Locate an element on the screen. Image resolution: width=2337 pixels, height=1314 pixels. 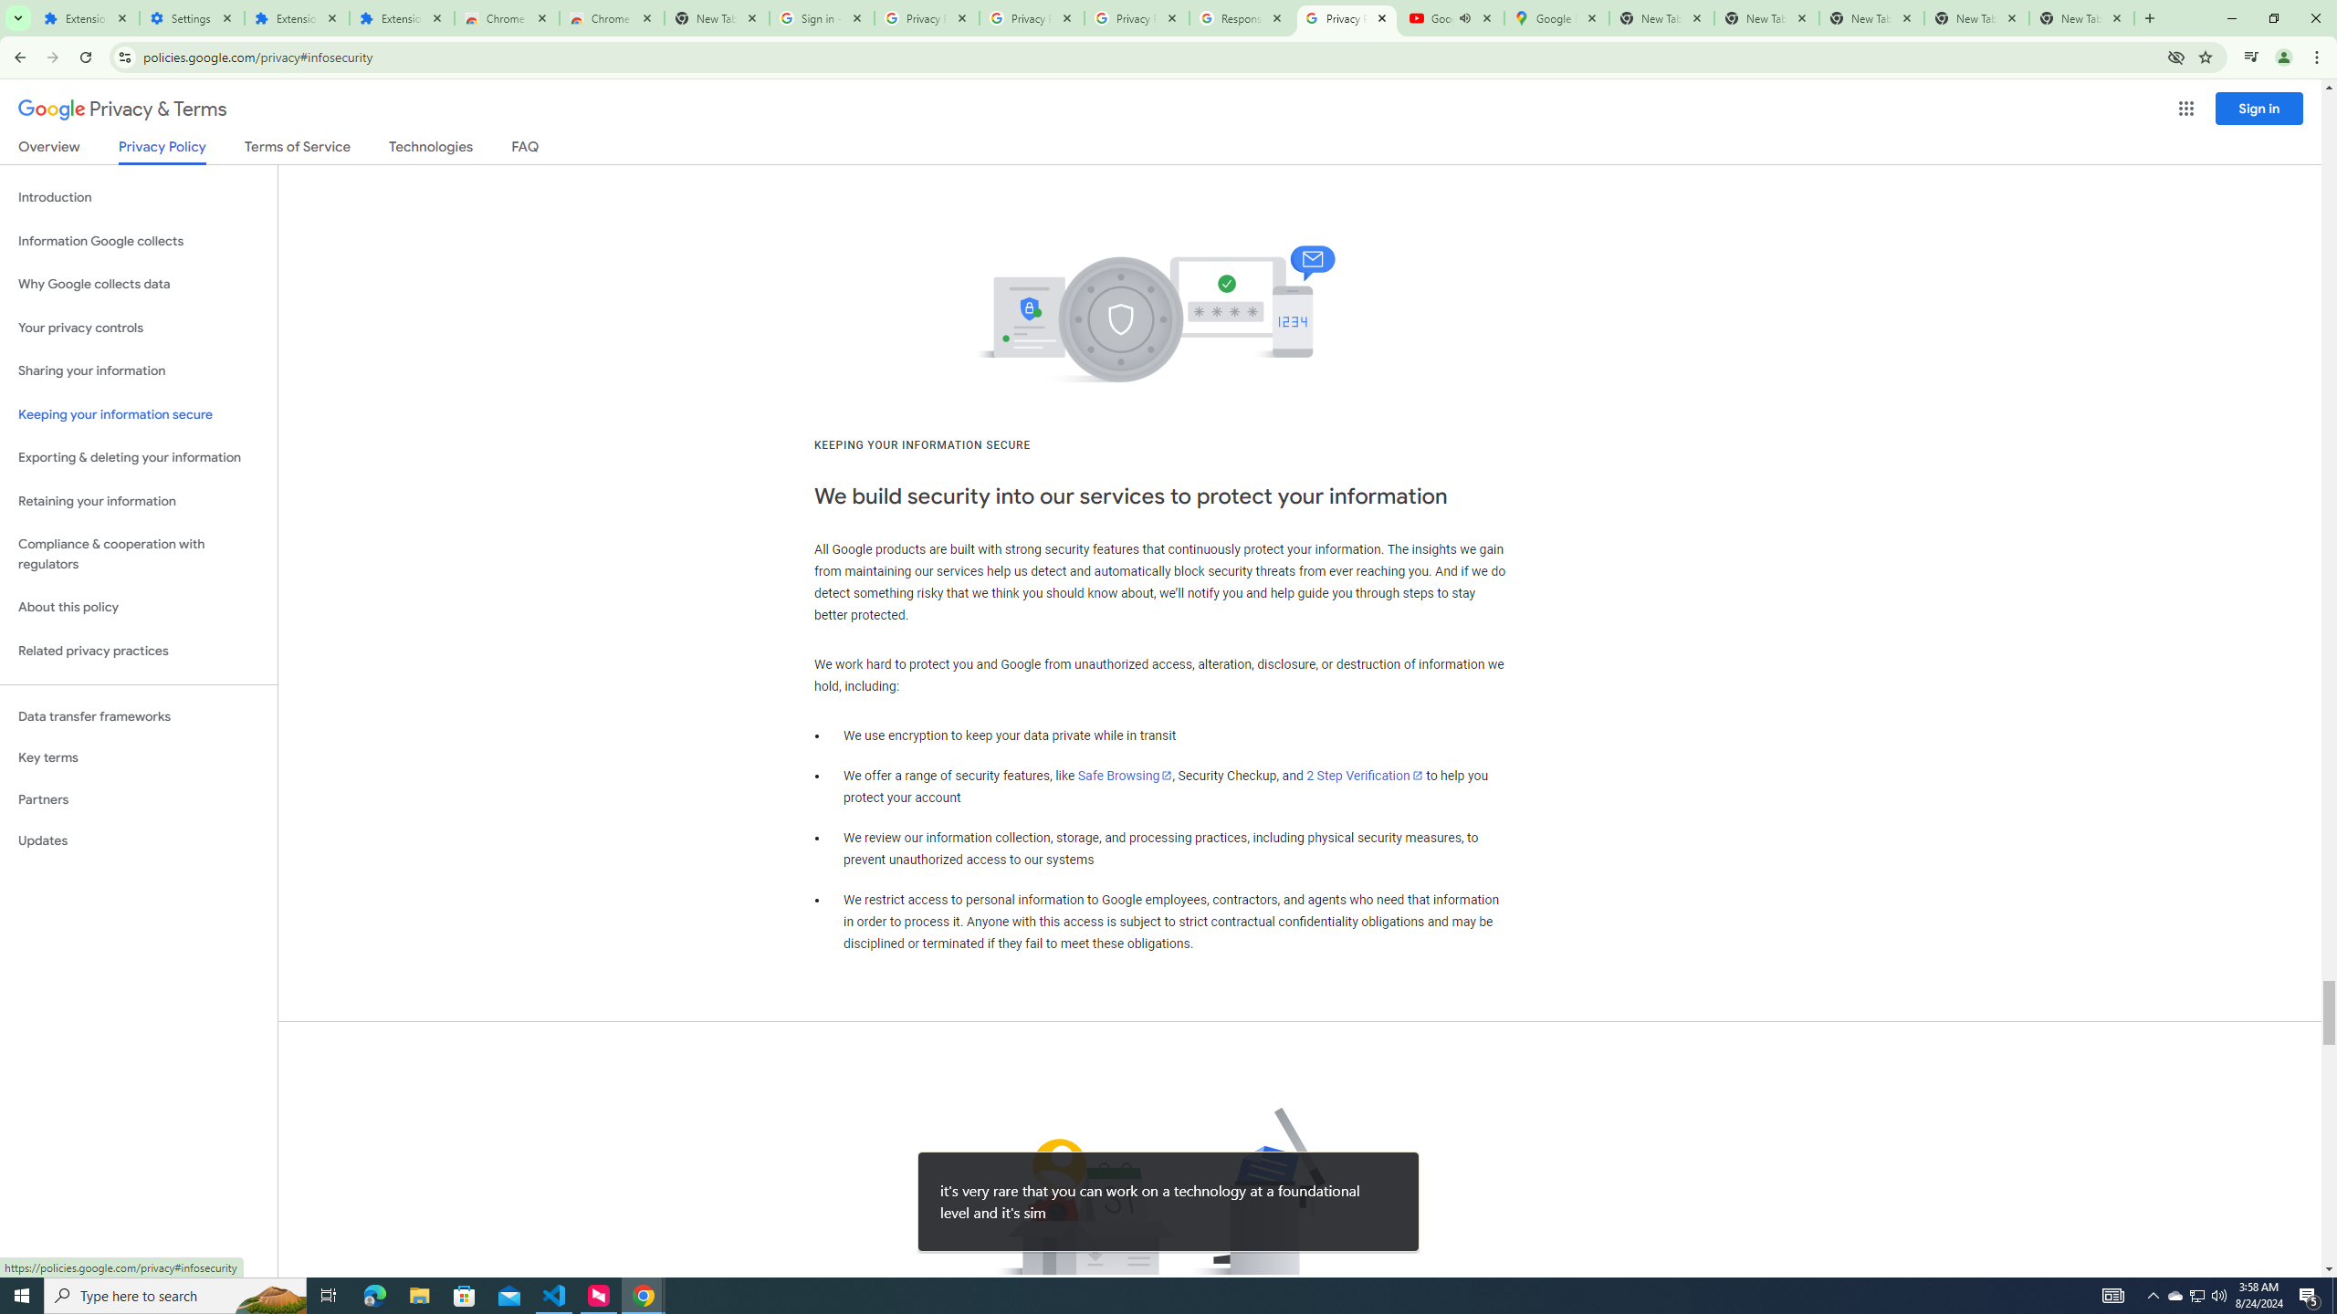
'Information Google collects' is located at coordinates (138, 241).